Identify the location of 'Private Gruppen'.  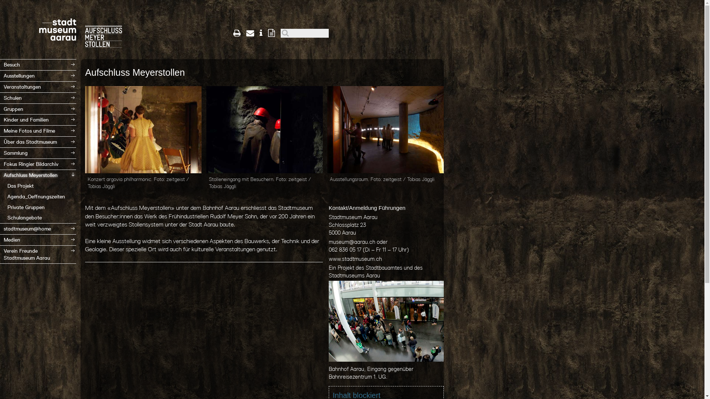
(0, 207).